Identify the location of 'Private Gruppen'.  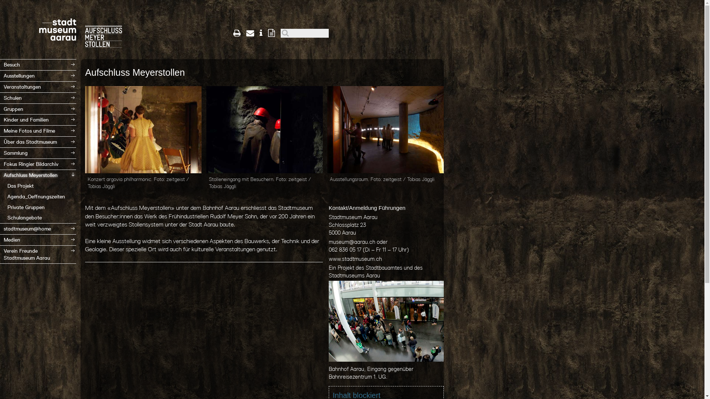
(0, 207).